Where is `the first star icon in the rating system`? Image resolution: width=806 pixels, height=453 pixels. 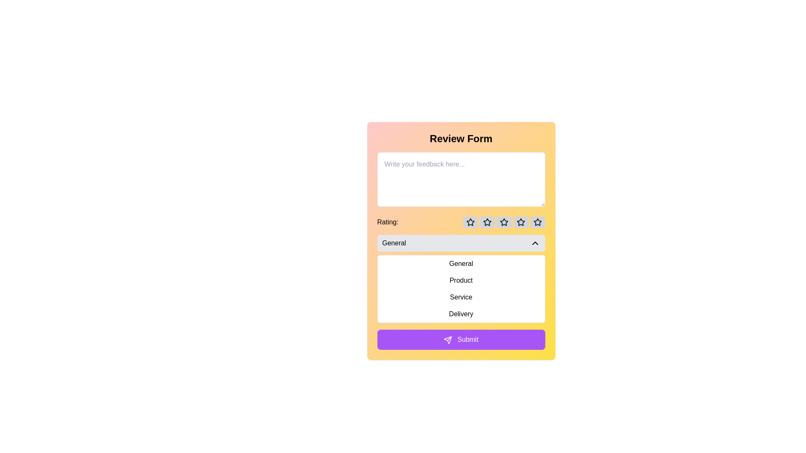
the first star icon in the rating system is located at coordinates (470, 221).